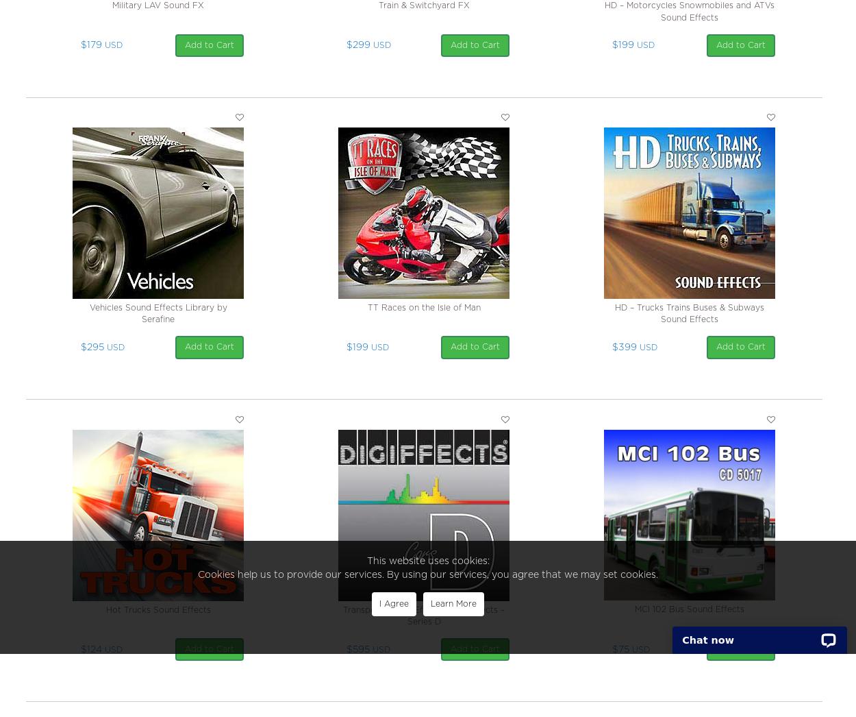  What do you see at coordinates (689, 313) in the screenshot?
I see `'HD – Trucks Trains Buses & Subways Sound Effects'` at bounding box center [689, 313].